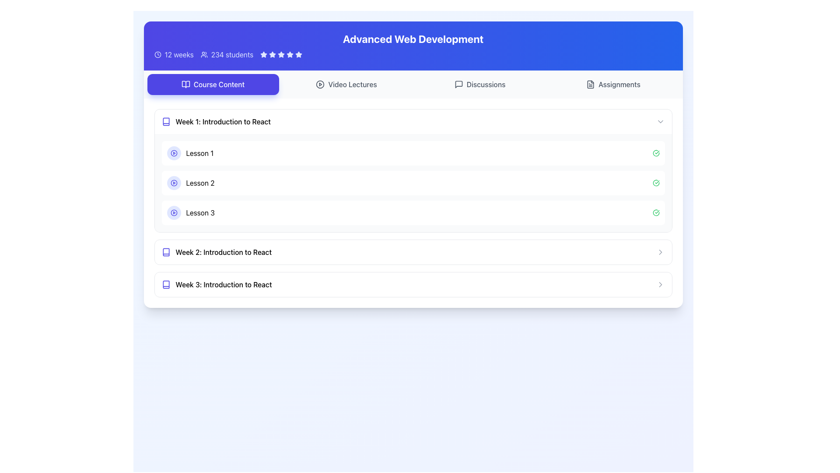  What do you see at coordinates (166, 252) in the screenshot?
I see `the course content icon representing the week's course information in the 'Course Content' section, located in the 'Week 2: Introduction to React' list item` at bounding box center [166, 252].